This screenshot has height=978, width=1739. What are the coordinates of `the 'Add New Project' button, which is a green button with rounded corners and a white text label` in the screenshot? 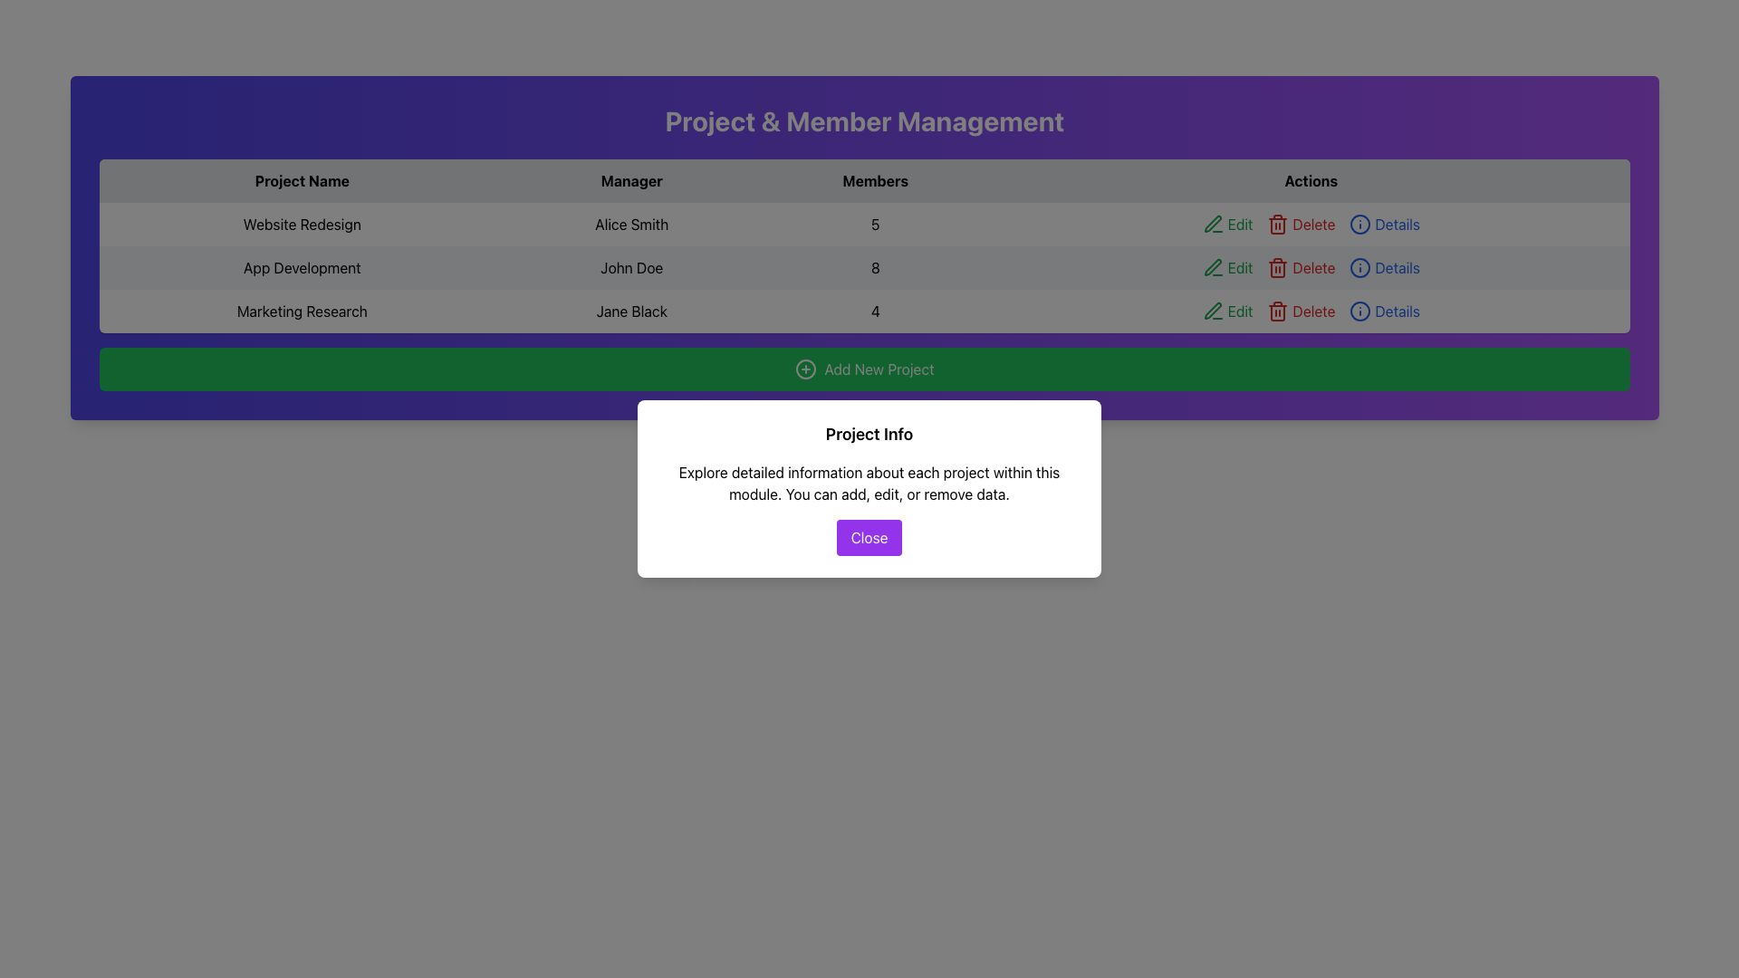 It's located at (864, 369).